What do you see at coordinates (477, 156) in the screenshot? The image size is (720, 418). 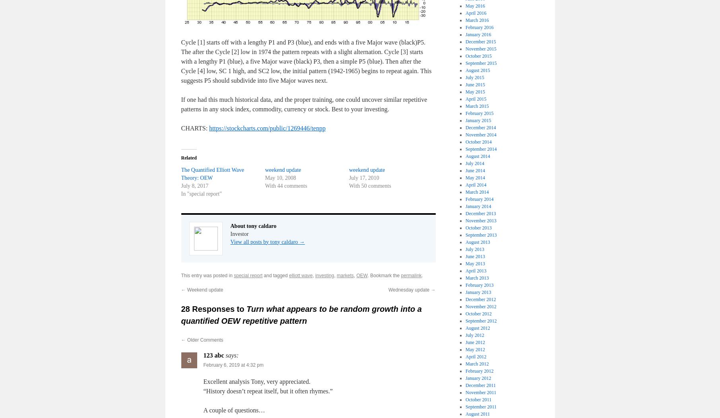 I see `'August 2014'` at bounding box center [477, 156].